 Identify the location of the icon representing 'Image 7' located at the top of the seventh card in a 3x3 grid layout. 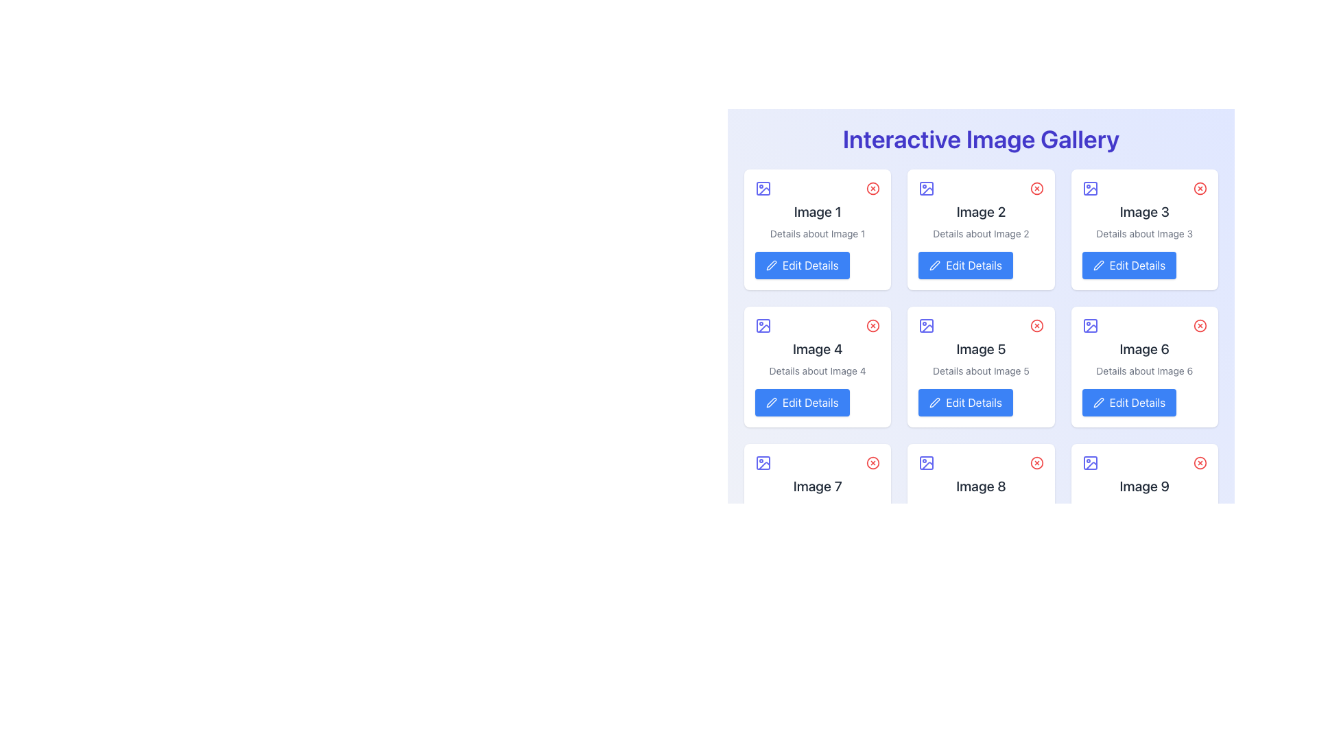
(763, 463).